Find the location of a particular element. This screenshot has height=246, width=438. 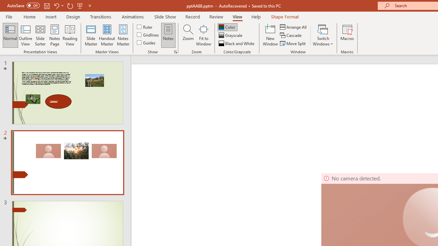

'Fit to Window' is located at coordinates (203, 35).